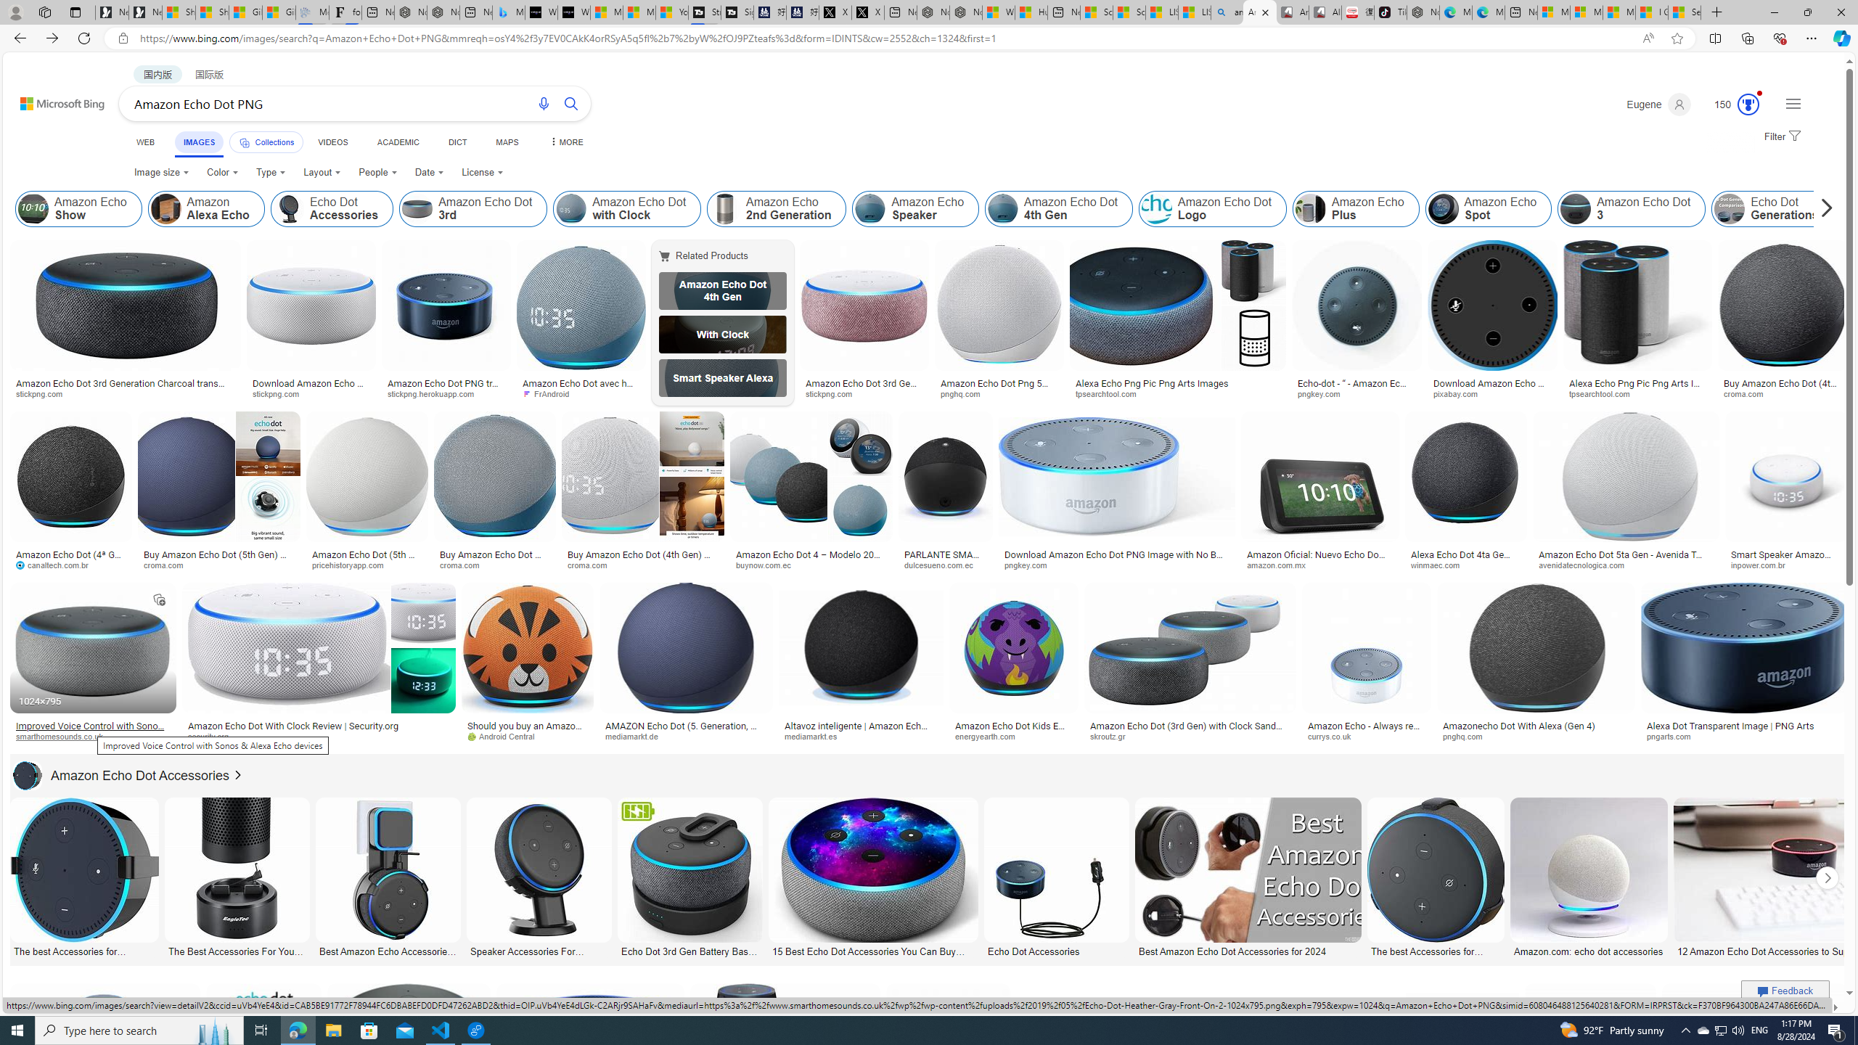 Image resolution: width=1858 pixels, height=1045 pixels. Describe the element at coordinates (864, 394) in the screenshot. I see `'stickpng.com'` at that location.